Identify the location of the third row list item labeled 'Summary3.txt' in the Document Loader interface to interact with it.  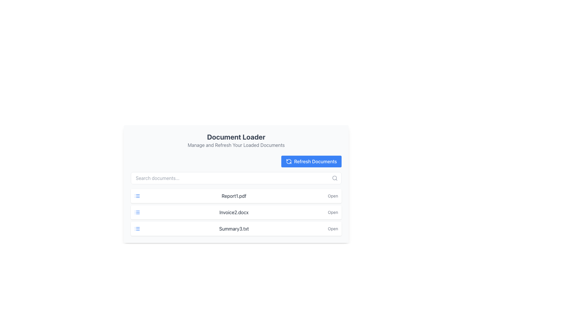
(236, 229).